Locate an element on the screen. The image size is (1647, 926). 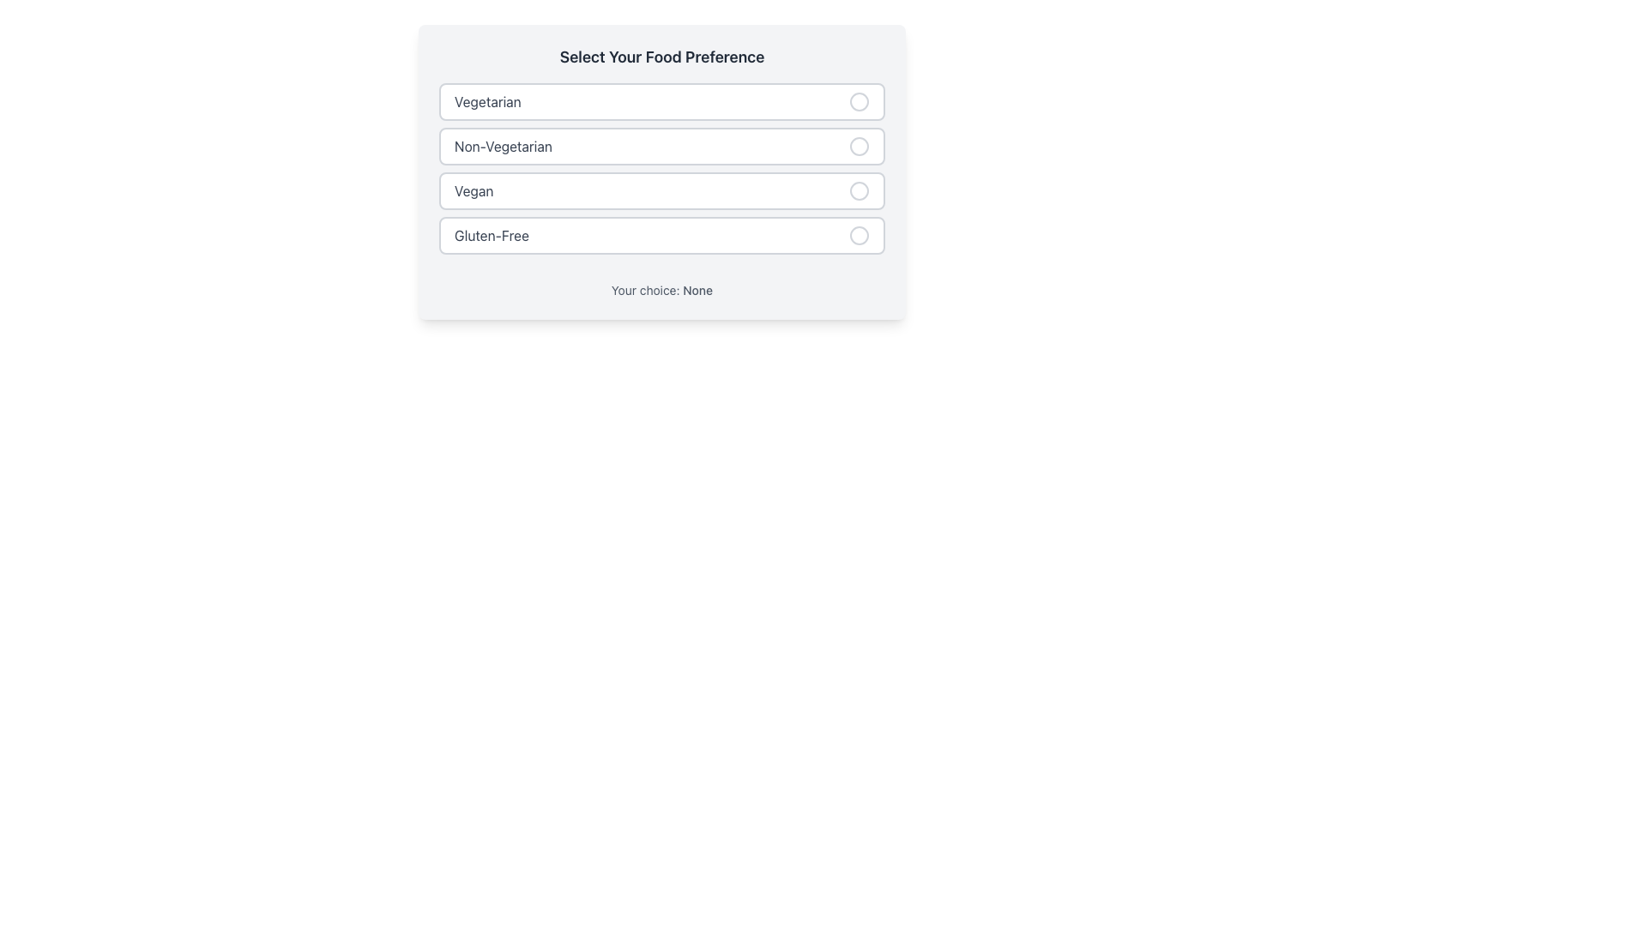
the rightmost radio button labeled 'Vegan' is located at coordinates (860, 191).